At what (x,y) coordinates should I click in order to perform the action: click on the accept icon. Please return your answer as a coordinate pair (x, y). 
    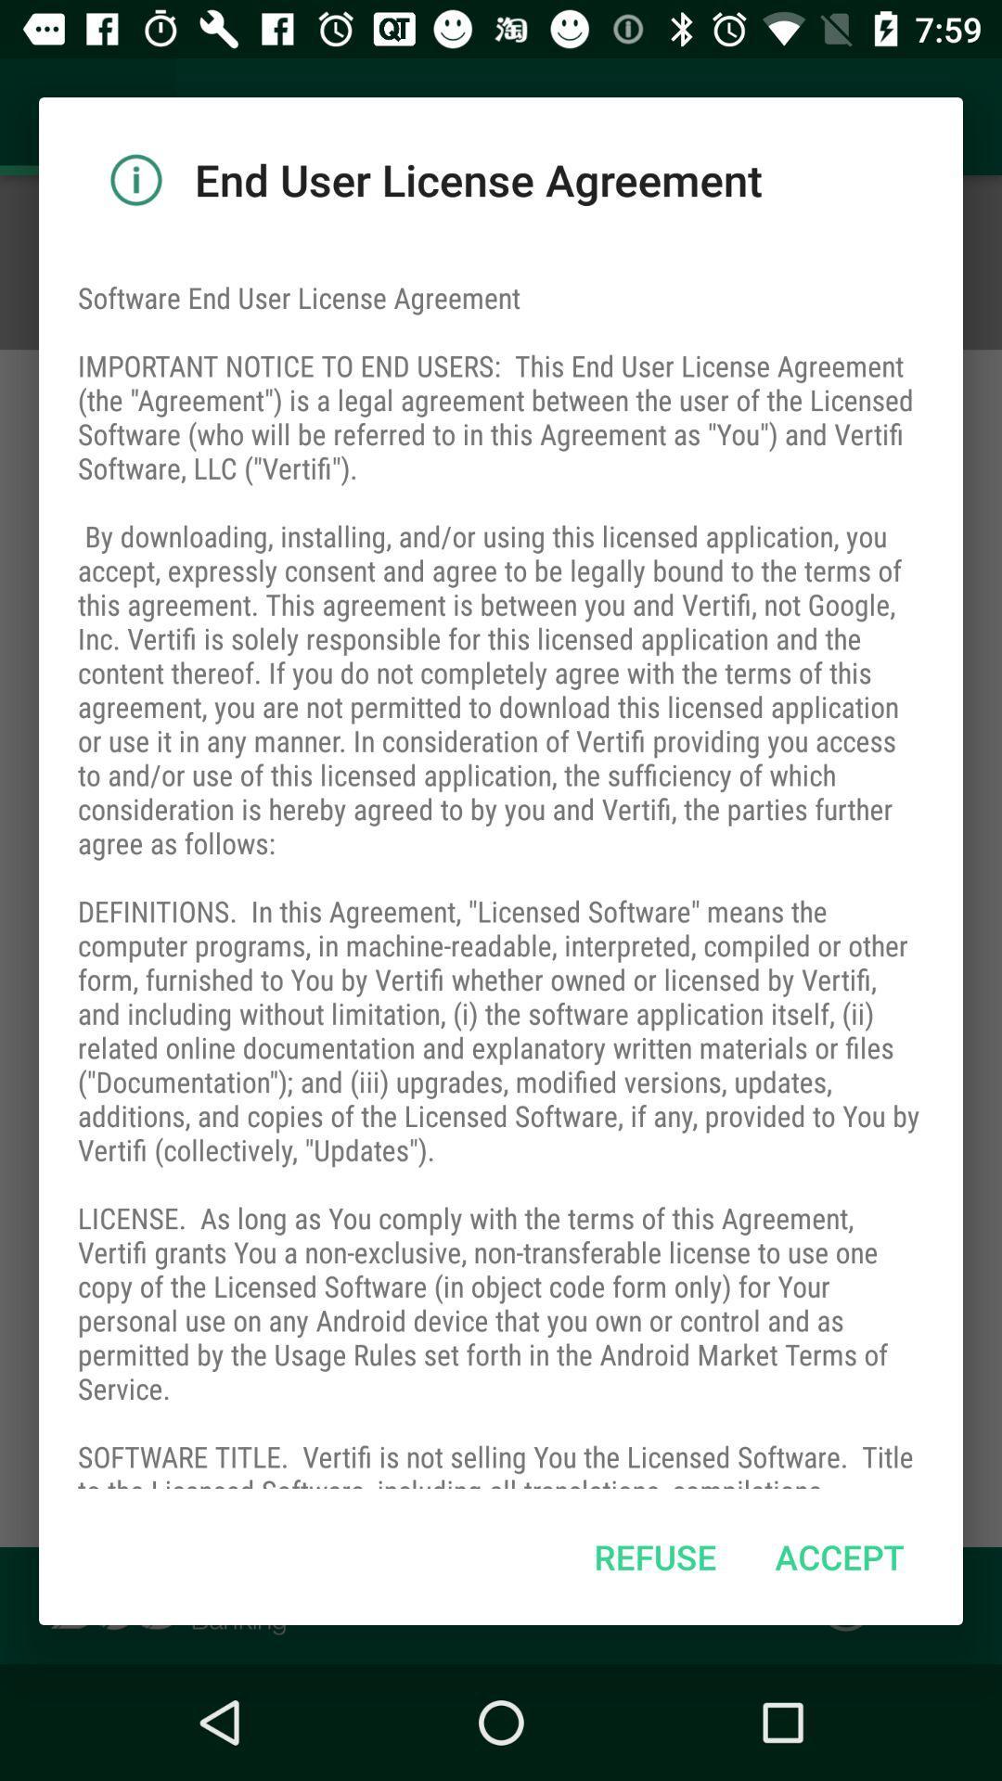
    Looking at the image, I should click on (840, 1557).